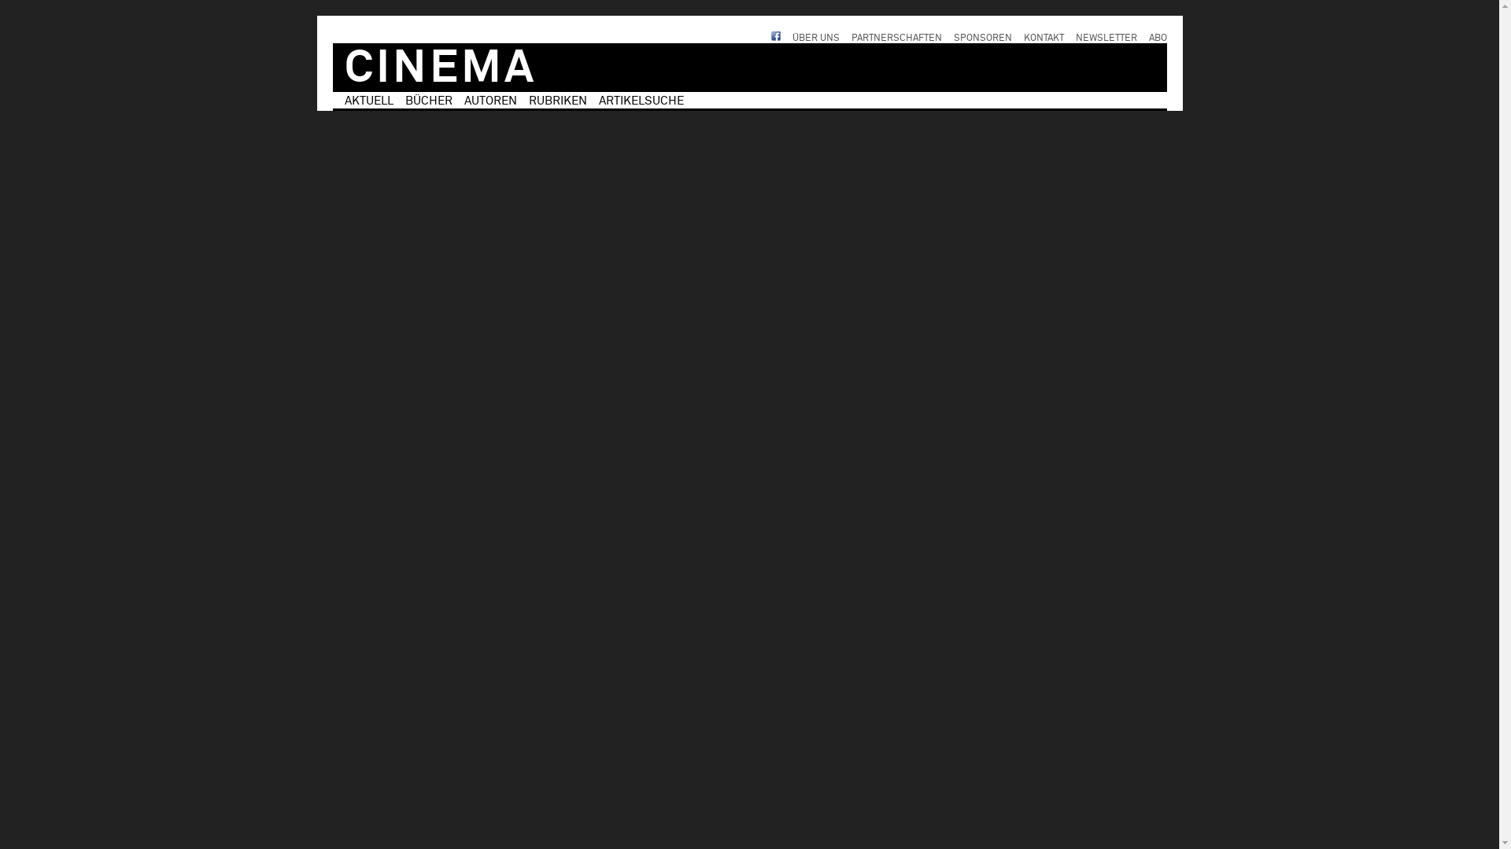  What do you see at coordinates (981, 38) in the screenshot?
I see `'SPONSOREN'` at bounding box center [981, 38].